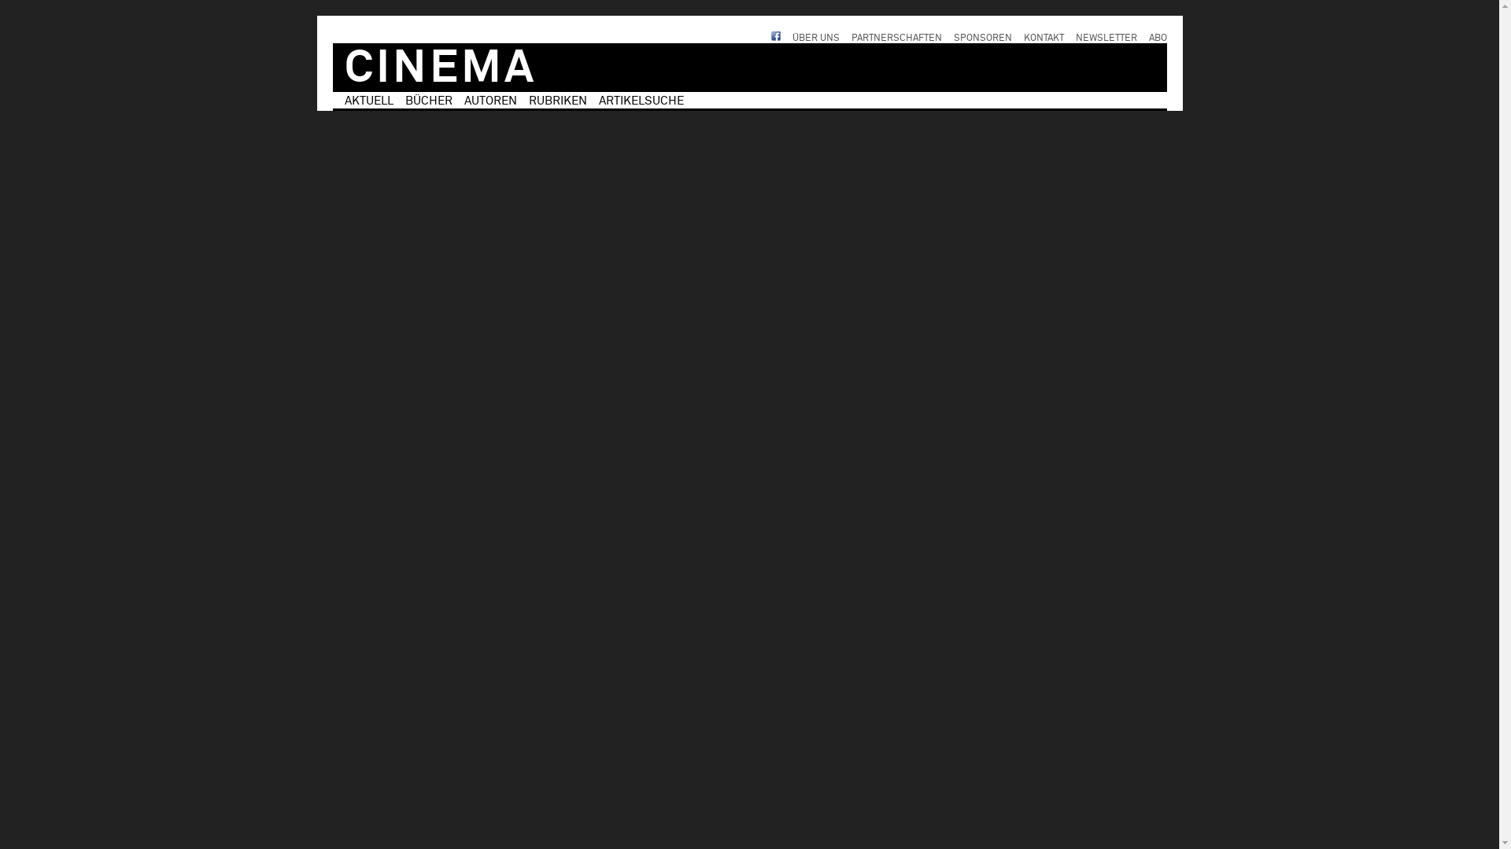  What do you see at coordinates (981, 38) in the screenshot?
I see `'SPONSOREN'` at bounding box center [981, 38].